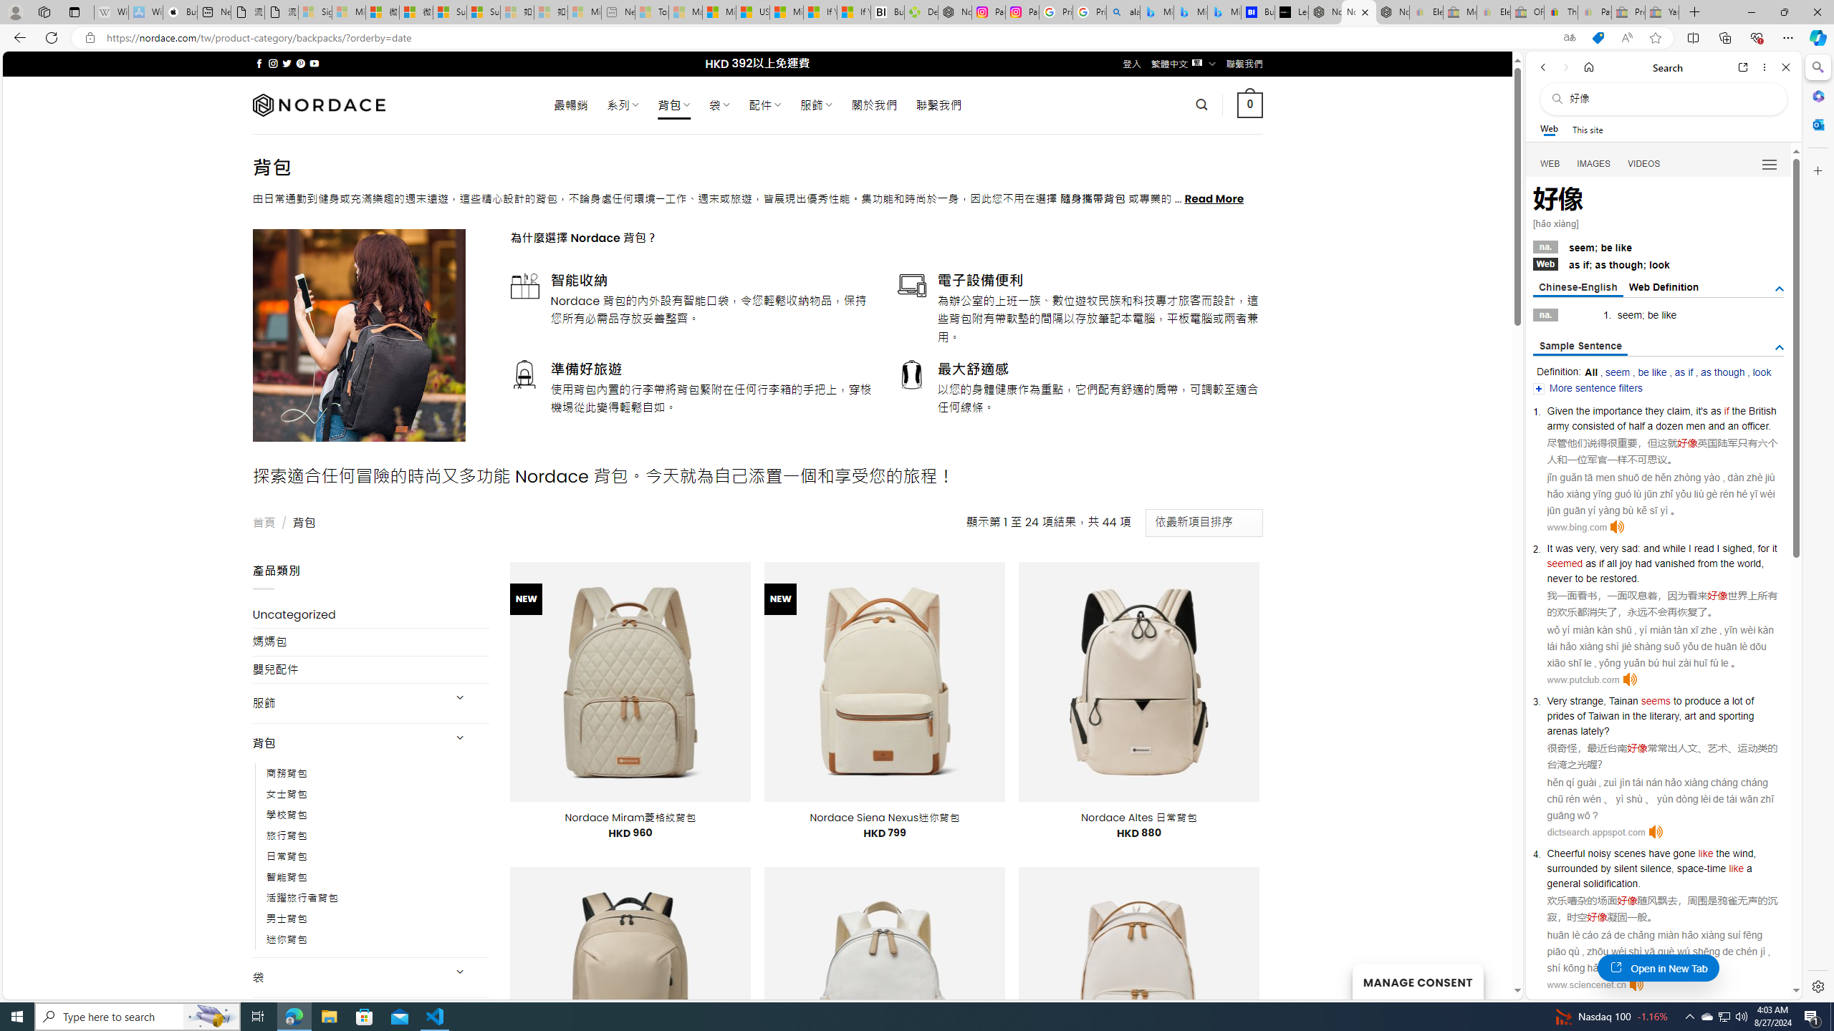 This screenshot has height=1031, width=1834. Describe the element at coordinates (1577, 526) in the screenshot. I see `'www.bing.com'` at that location.